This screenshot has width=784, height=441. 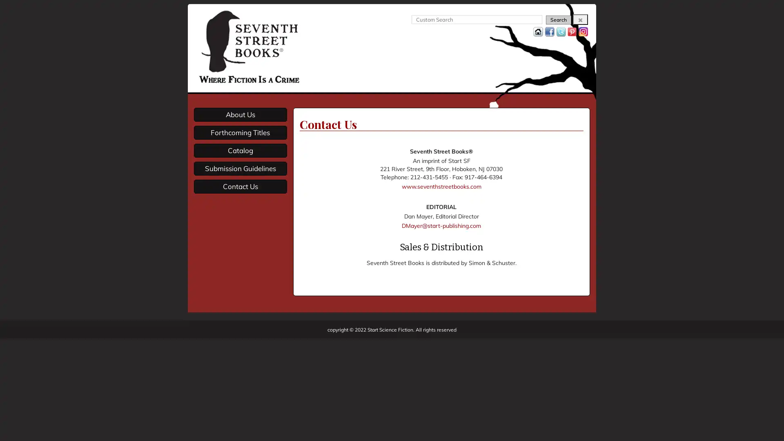 I want to click on Search, so click(x=558, y=20).